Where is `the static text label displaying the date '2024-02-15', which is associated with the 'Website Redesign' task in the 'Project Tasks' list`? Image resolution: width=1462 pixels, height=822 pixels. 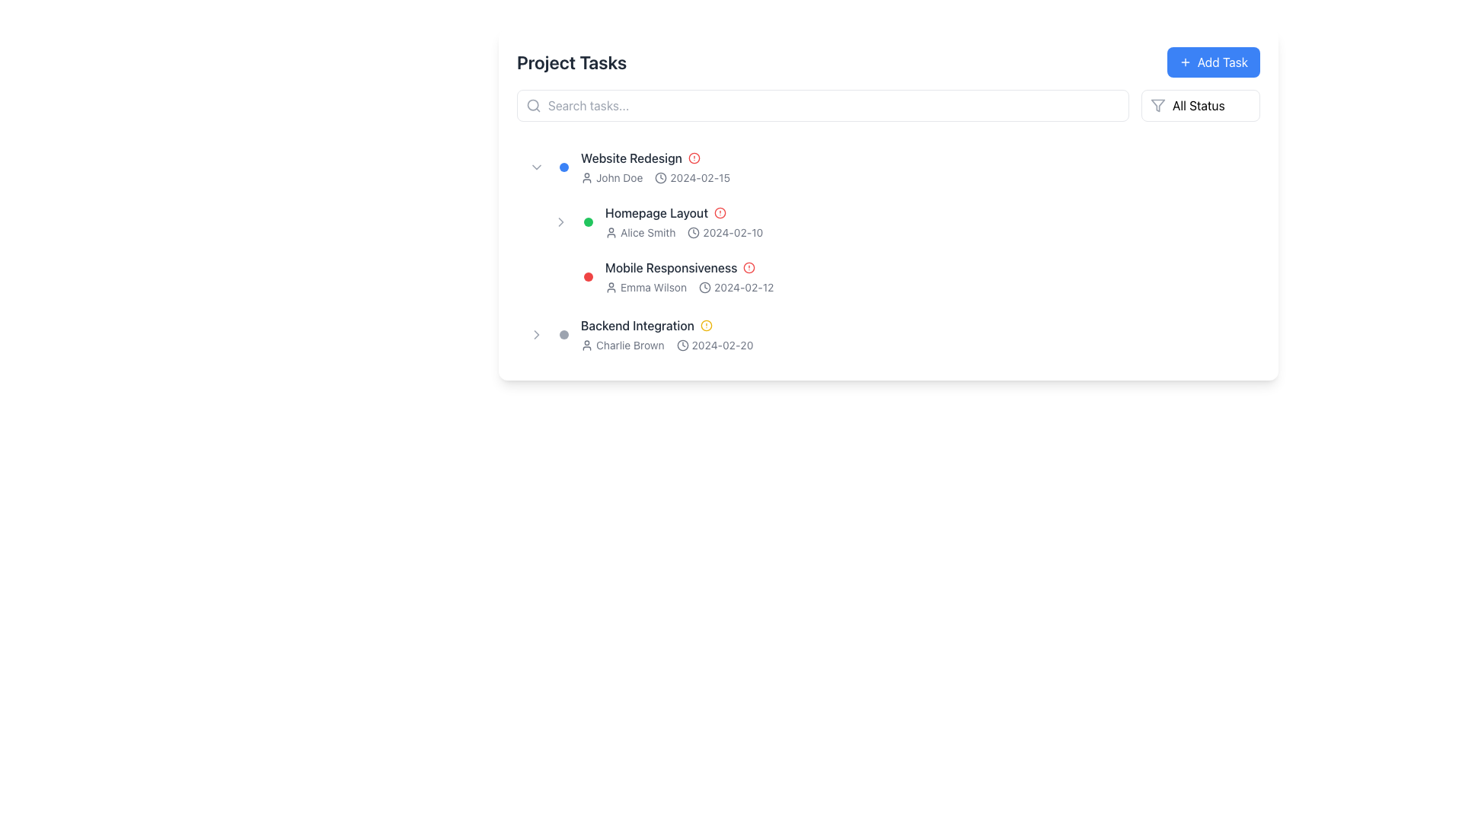
the static text label displaying the date '2024-02-15', which is associated with the 'Website Redesign' task in the 'Project Tasks' list is located at coordinates (699, 177).